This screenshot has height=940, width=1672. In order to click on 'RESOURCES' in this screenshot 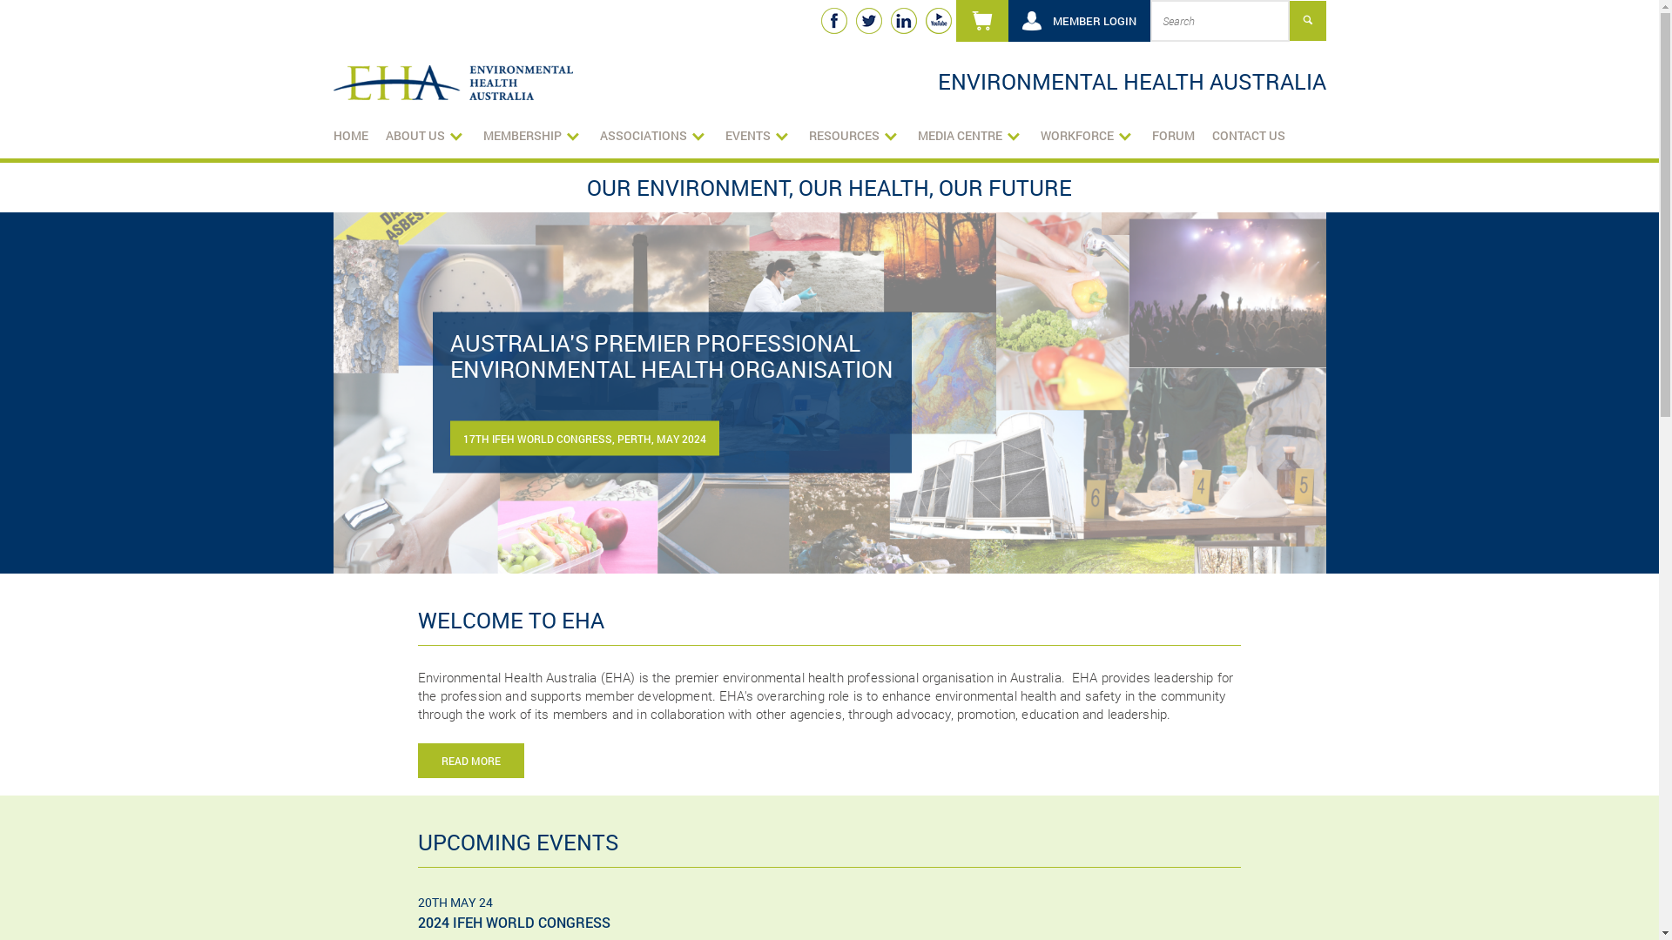, I will do `click(853, 134)`.